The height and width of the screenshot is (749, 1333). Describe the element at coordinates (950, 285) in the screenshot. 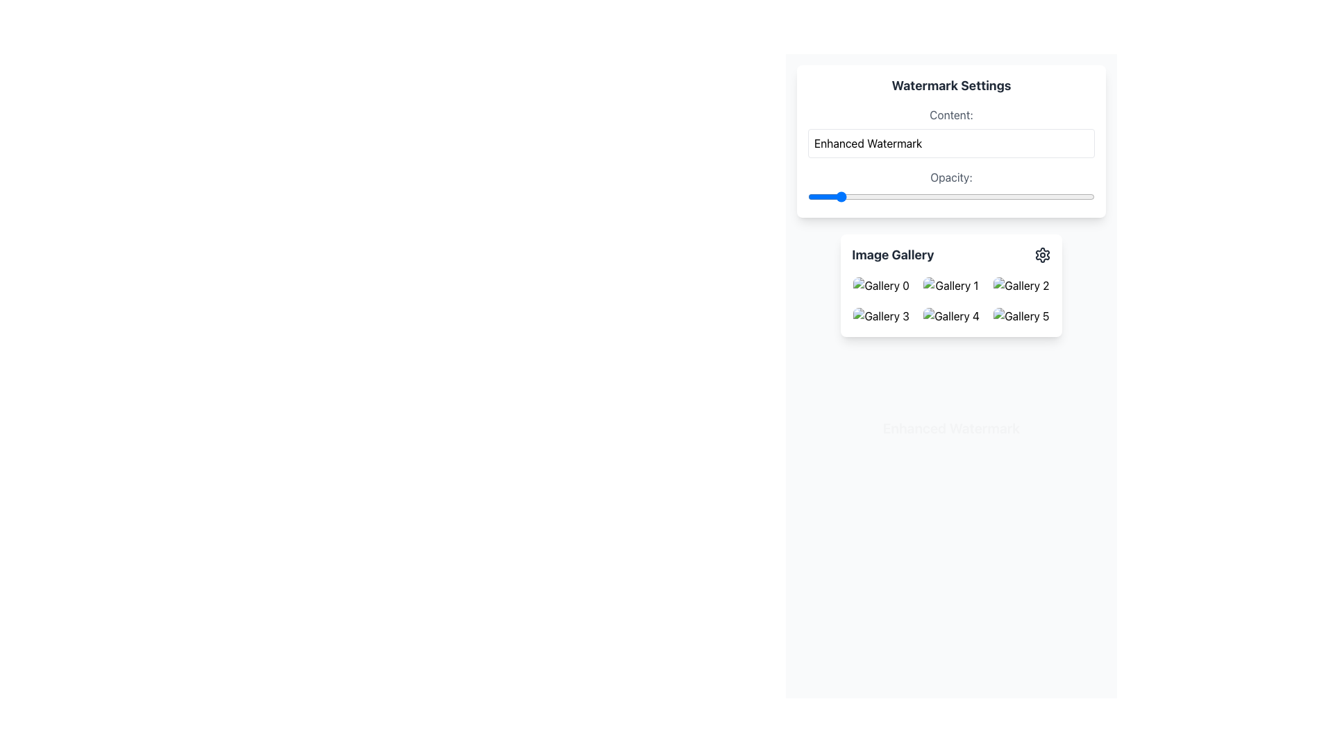

I see `the second image in the first row of the image gallery` at that location.